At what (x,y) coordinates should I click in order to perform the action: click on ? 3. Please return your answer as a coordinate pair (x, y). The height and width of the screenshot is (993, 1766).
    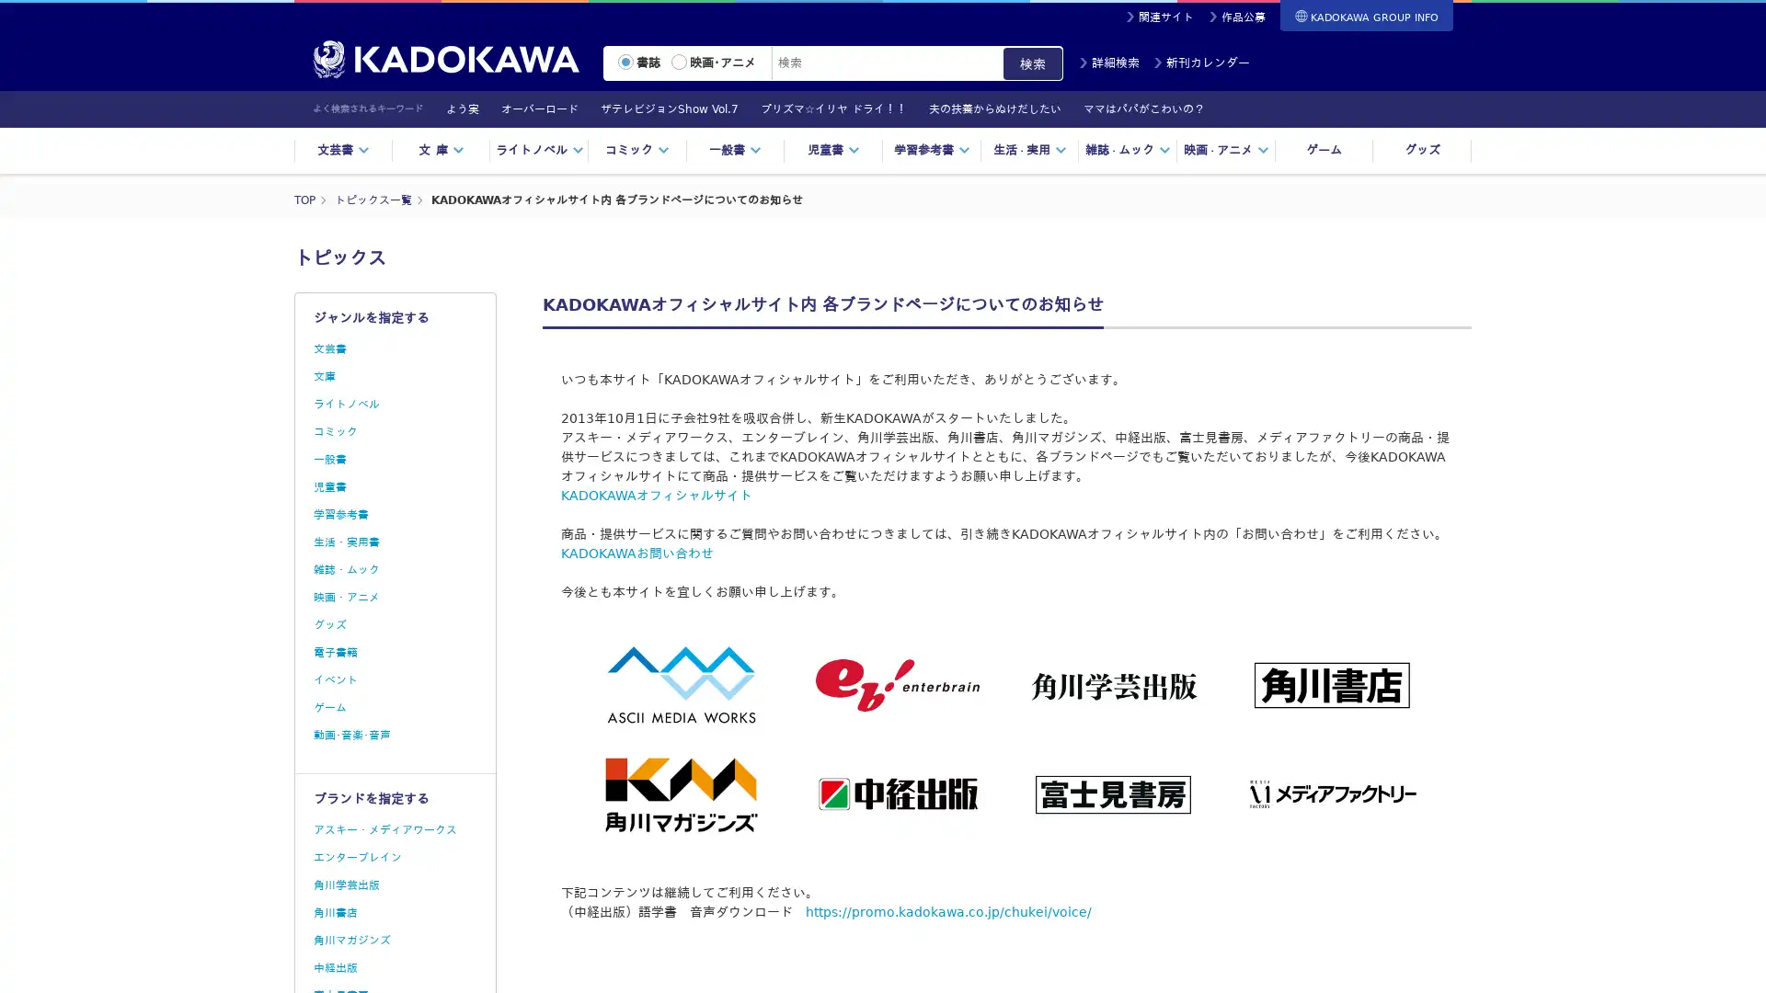
    Looking at the image, I should click on (936, 138).